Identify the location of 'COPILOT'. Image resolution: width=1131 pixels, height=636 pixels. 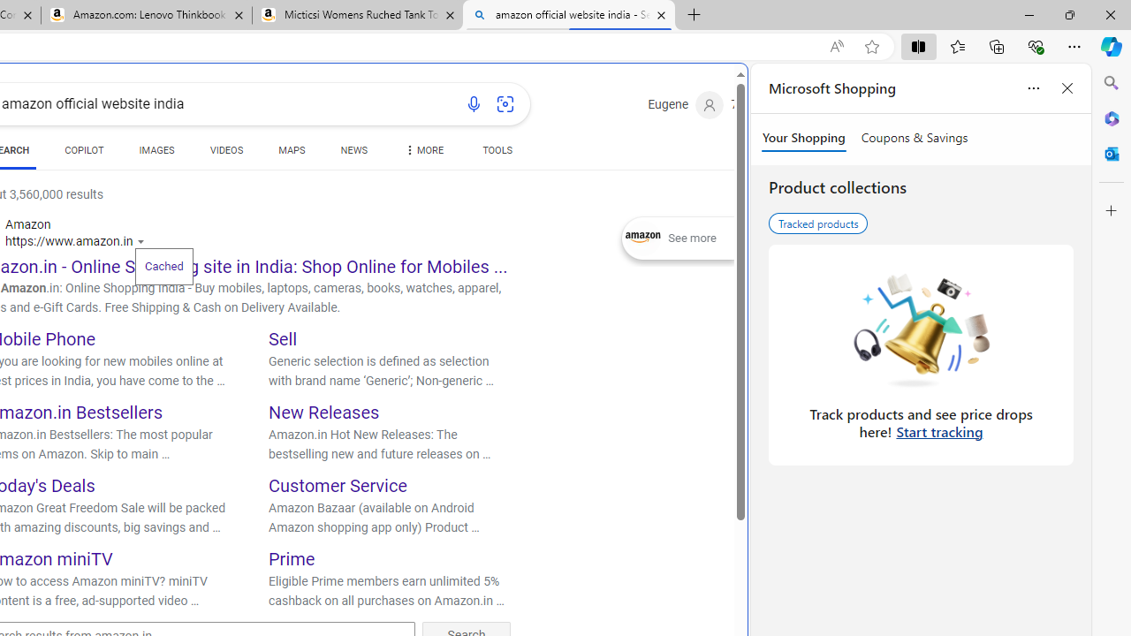
(83, 152).